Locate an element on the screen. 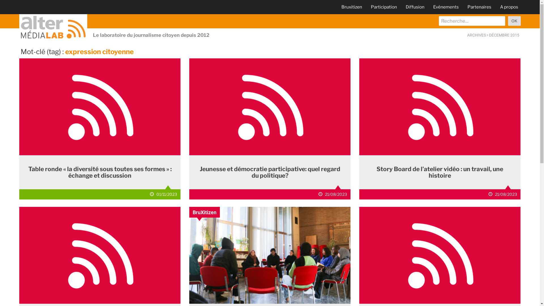 This screenshot has height=306, width=544. 'recherche' is located at coordinates (472, 20).